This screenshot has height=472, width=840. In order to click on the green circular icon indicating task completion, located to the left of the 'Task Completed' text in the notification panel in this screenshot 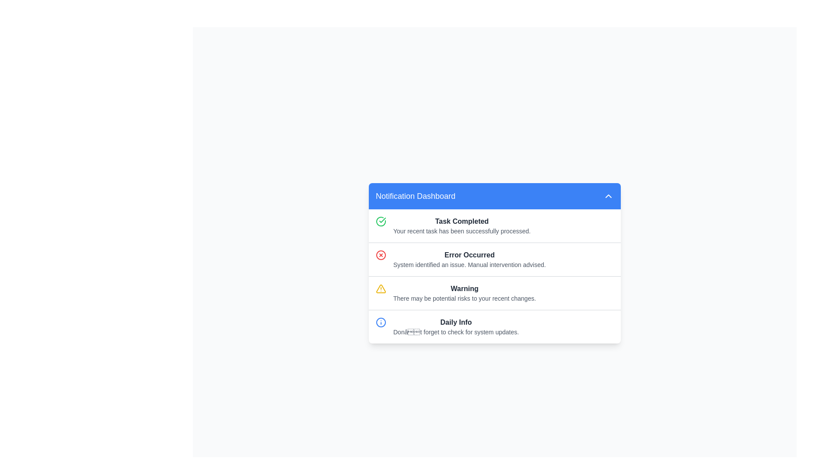, I will do `click(382, 219)`.